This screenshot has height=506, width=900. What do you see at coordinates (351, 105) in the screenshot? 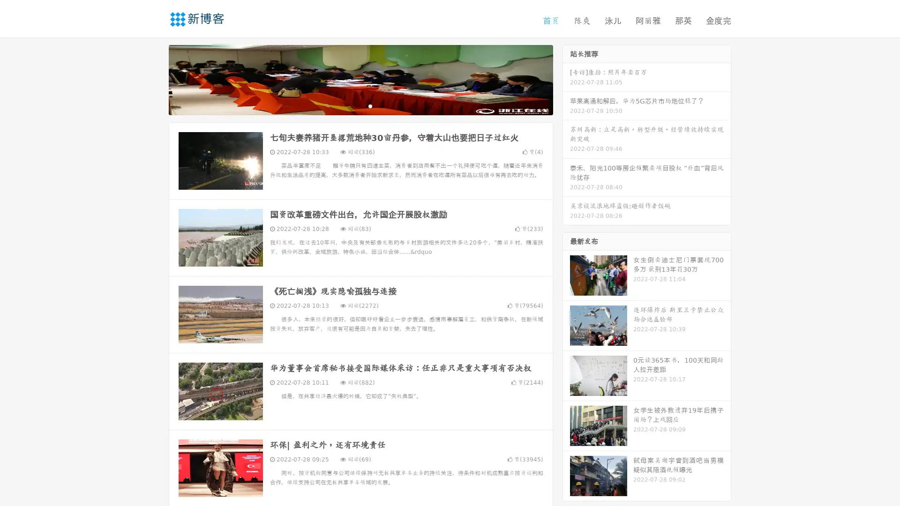
I see `Go to slide 1` at bounding box center [351, 105].